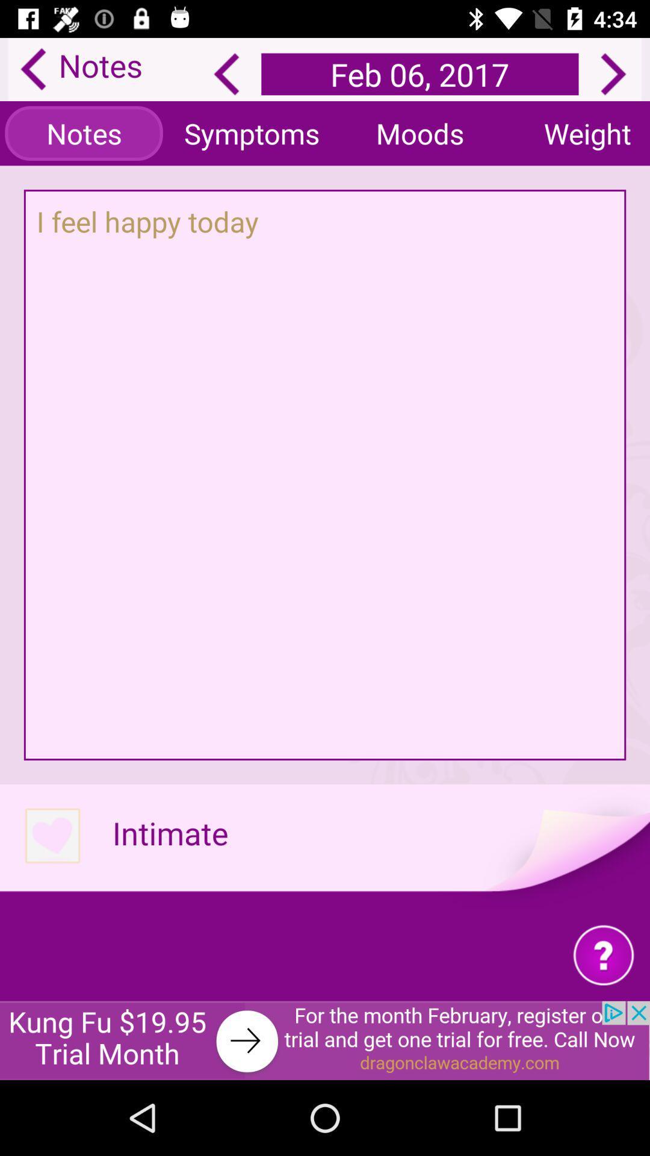 This screenshot has height=1156, width=650. I want to click on next page, so click(613, 73).